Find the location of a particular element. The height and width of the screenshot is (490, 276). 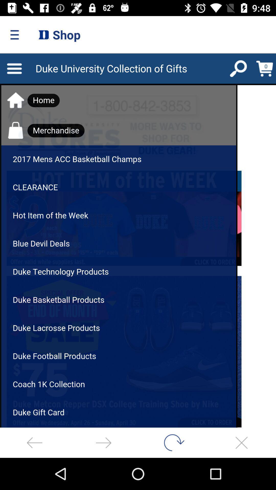

the arrow_forward icon is located at coordinates (103, 442).